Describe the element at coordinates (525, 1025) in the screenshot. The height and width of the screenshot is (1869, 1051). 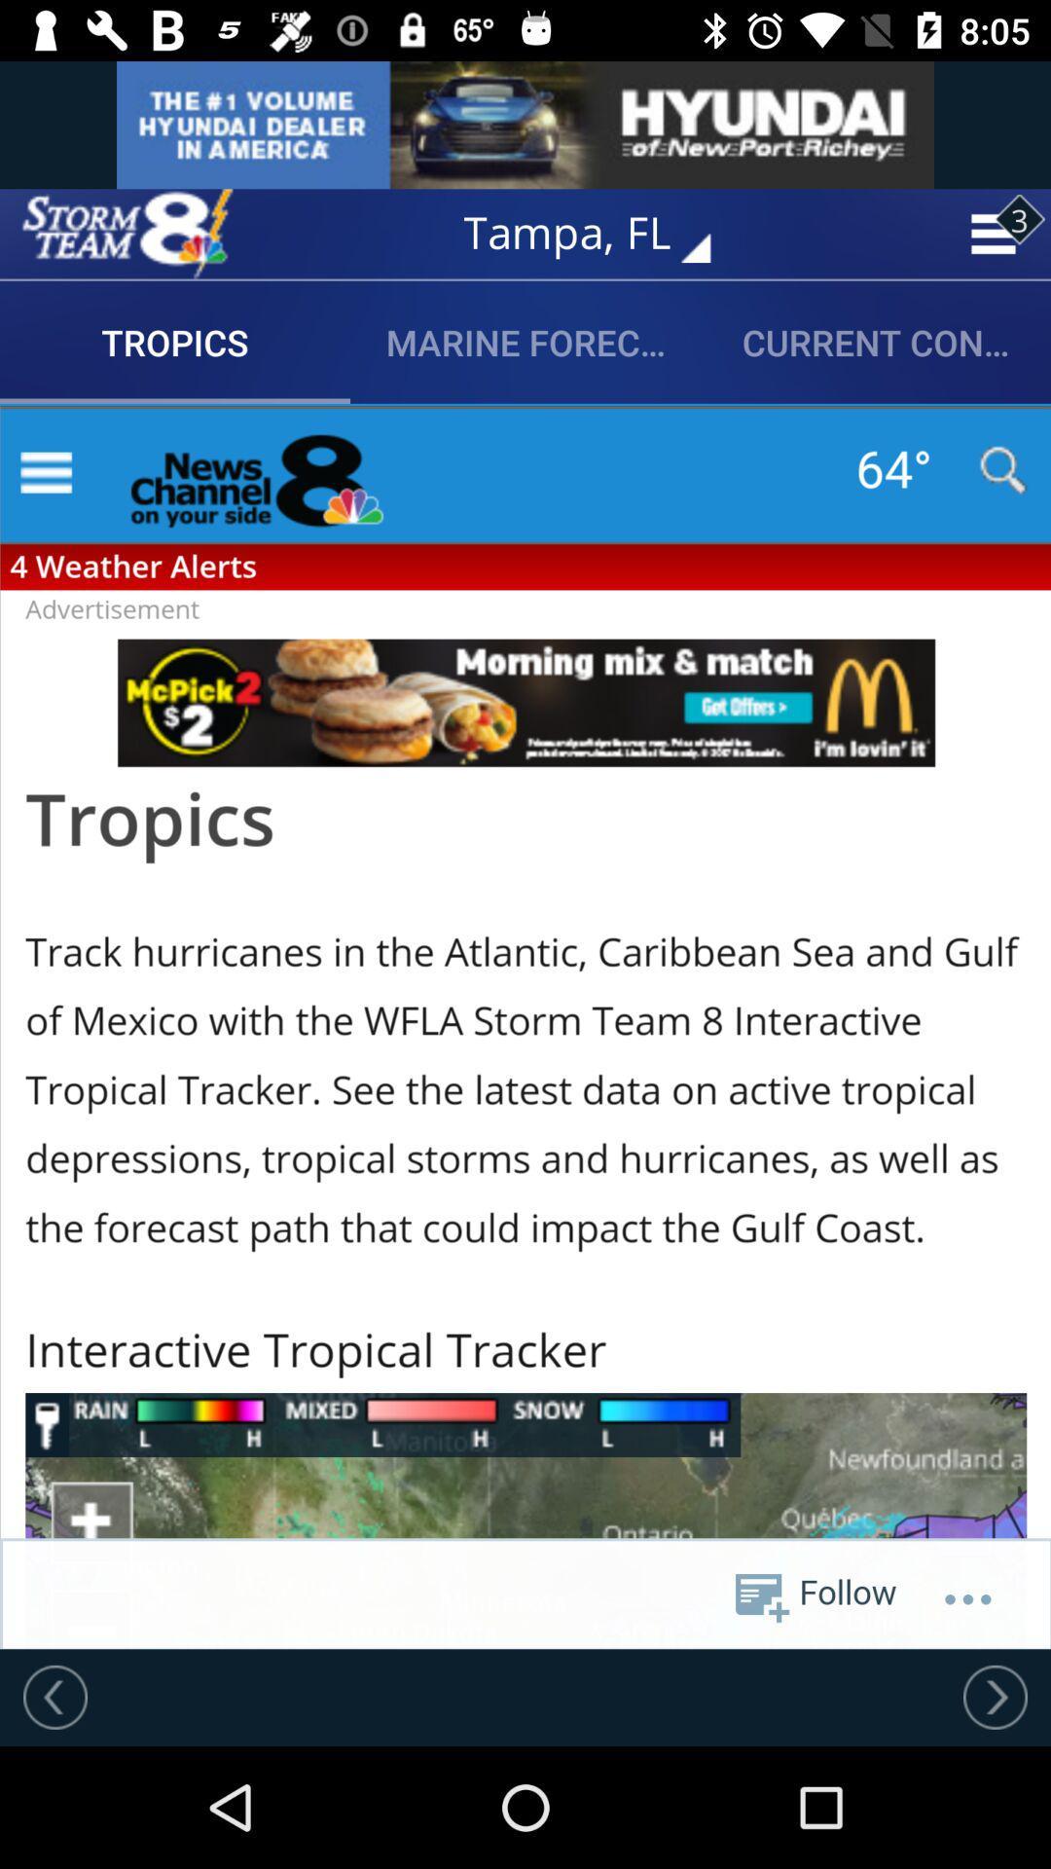
I see `tropics in screen` at that location.